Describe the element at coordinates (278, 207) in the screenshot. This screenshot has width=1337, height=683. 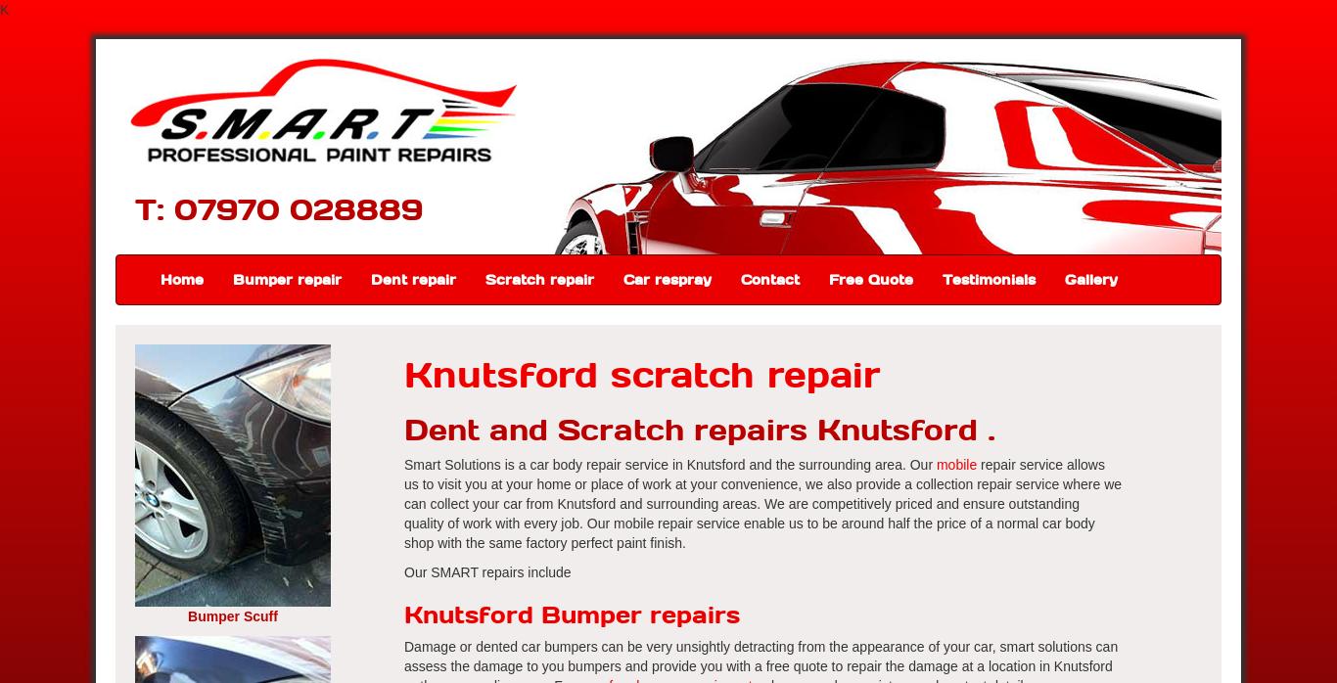
I see `'T: 07970 028889'` at that location.